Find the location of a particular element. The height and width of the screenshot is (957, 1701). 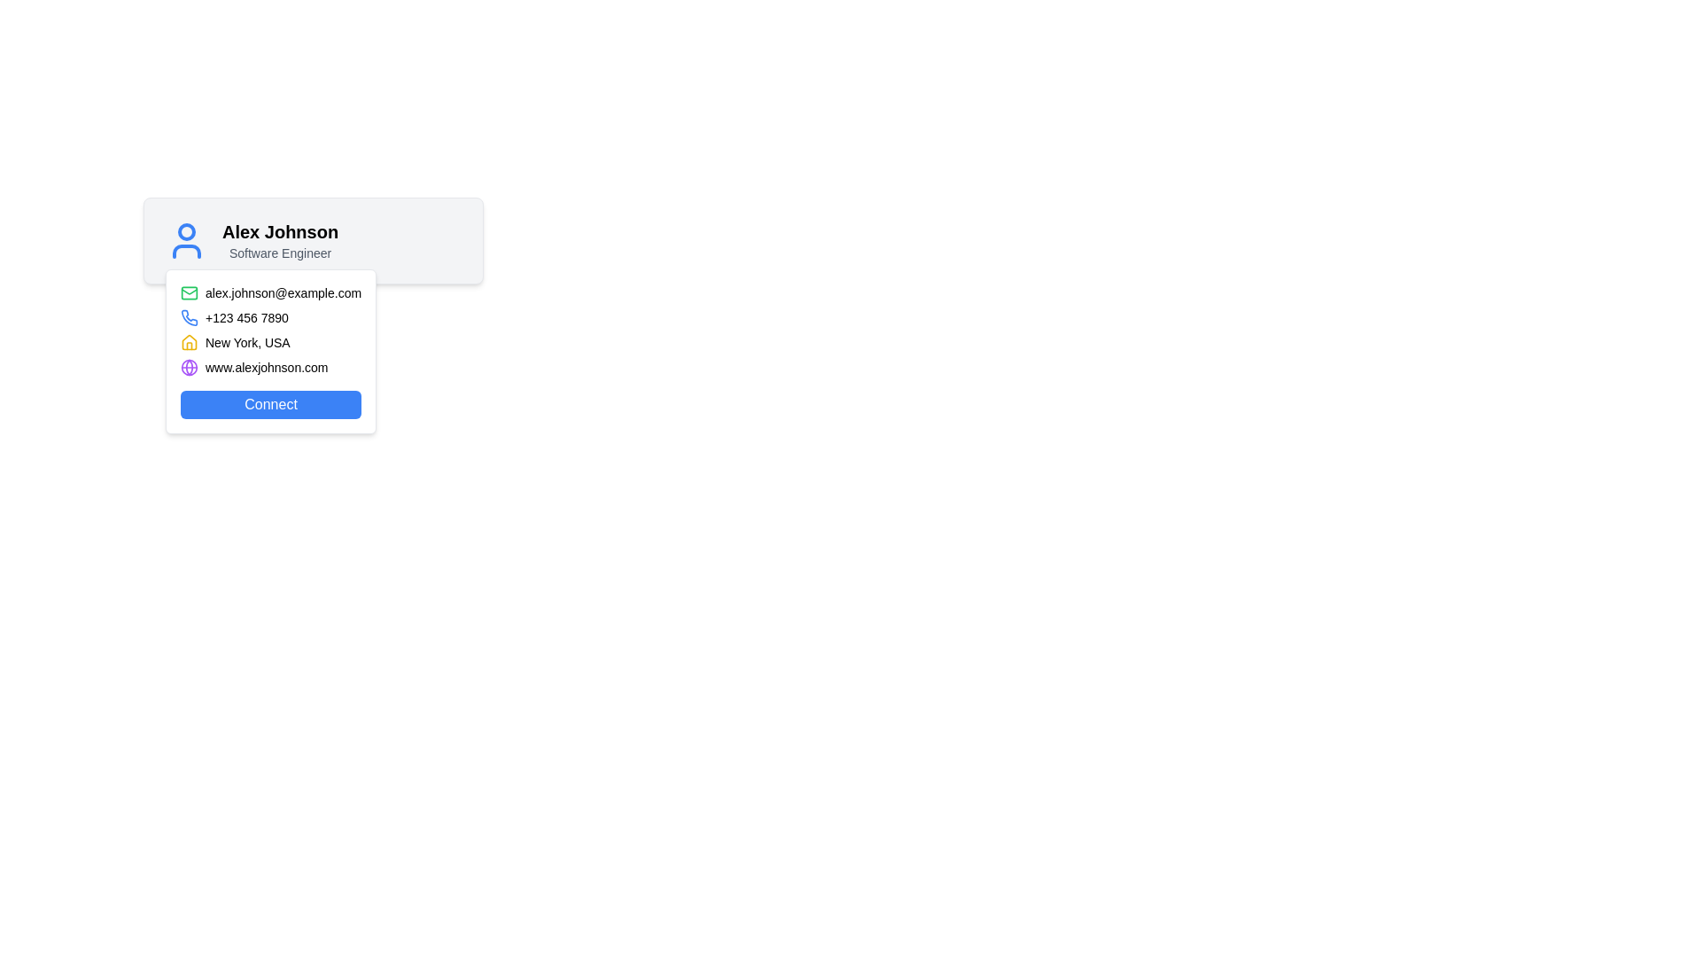

the textual hyperlink 'www.alexjohnson.com' is located at coordinates (266, 367).